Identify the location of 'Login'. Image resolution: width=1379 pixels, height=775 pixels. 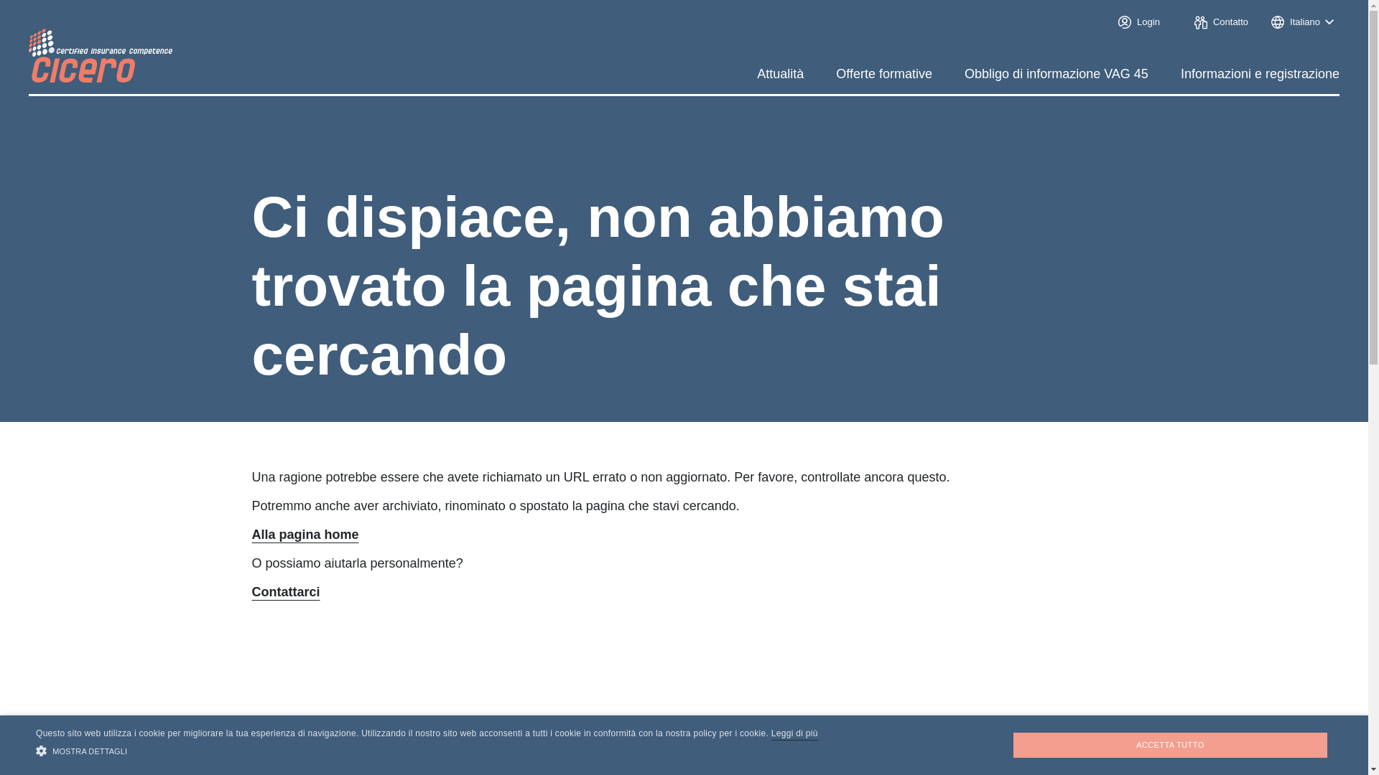
(1136, 22).